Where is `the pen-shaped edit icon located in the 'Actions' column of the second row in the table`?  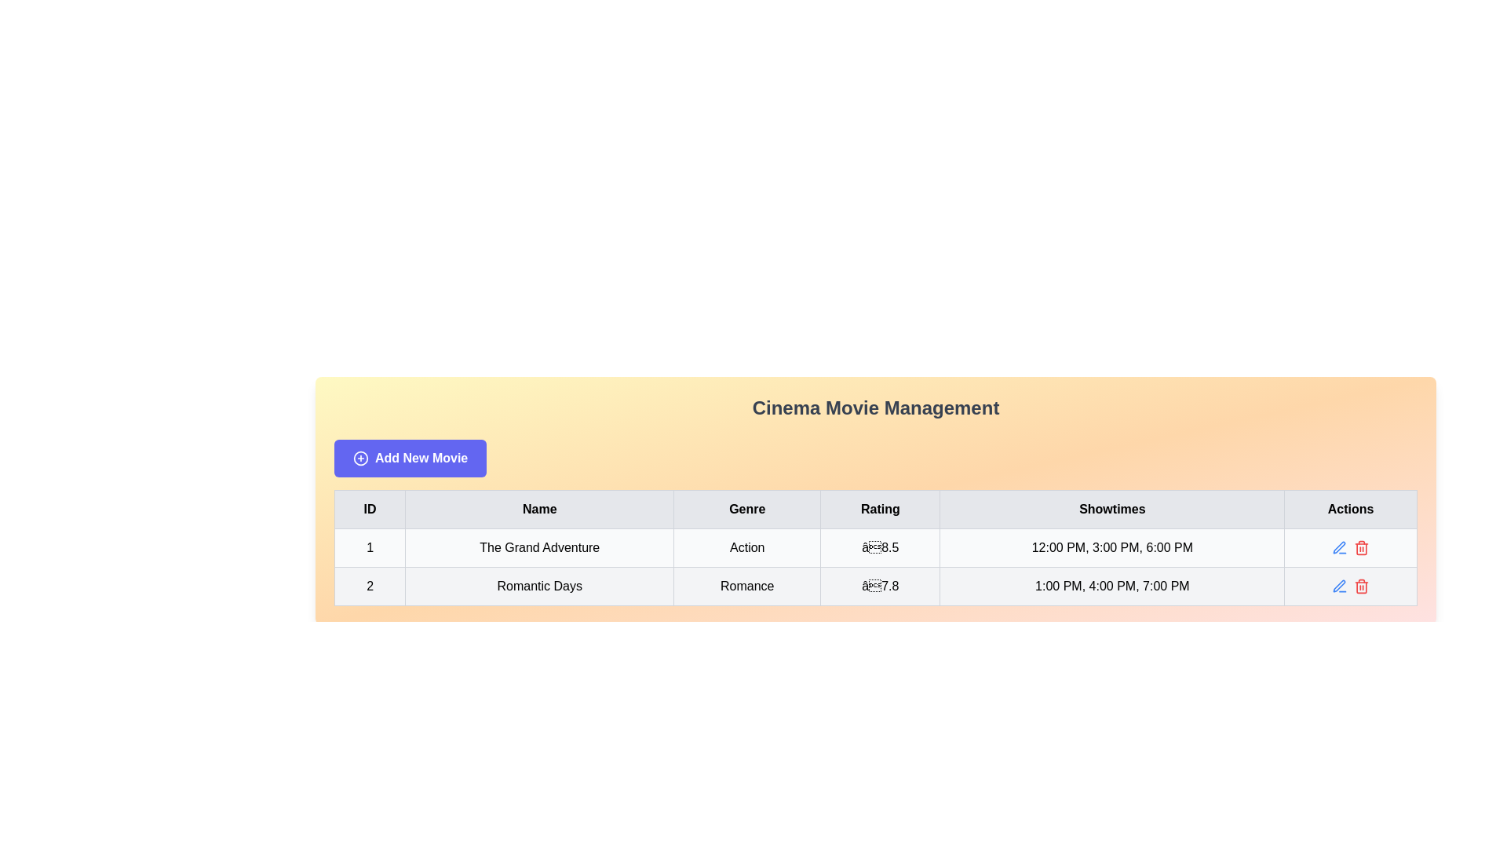 the pen-shaped edit icon located in the 'Actions' column of the second row in the table is located at coordinates (1339, 587).